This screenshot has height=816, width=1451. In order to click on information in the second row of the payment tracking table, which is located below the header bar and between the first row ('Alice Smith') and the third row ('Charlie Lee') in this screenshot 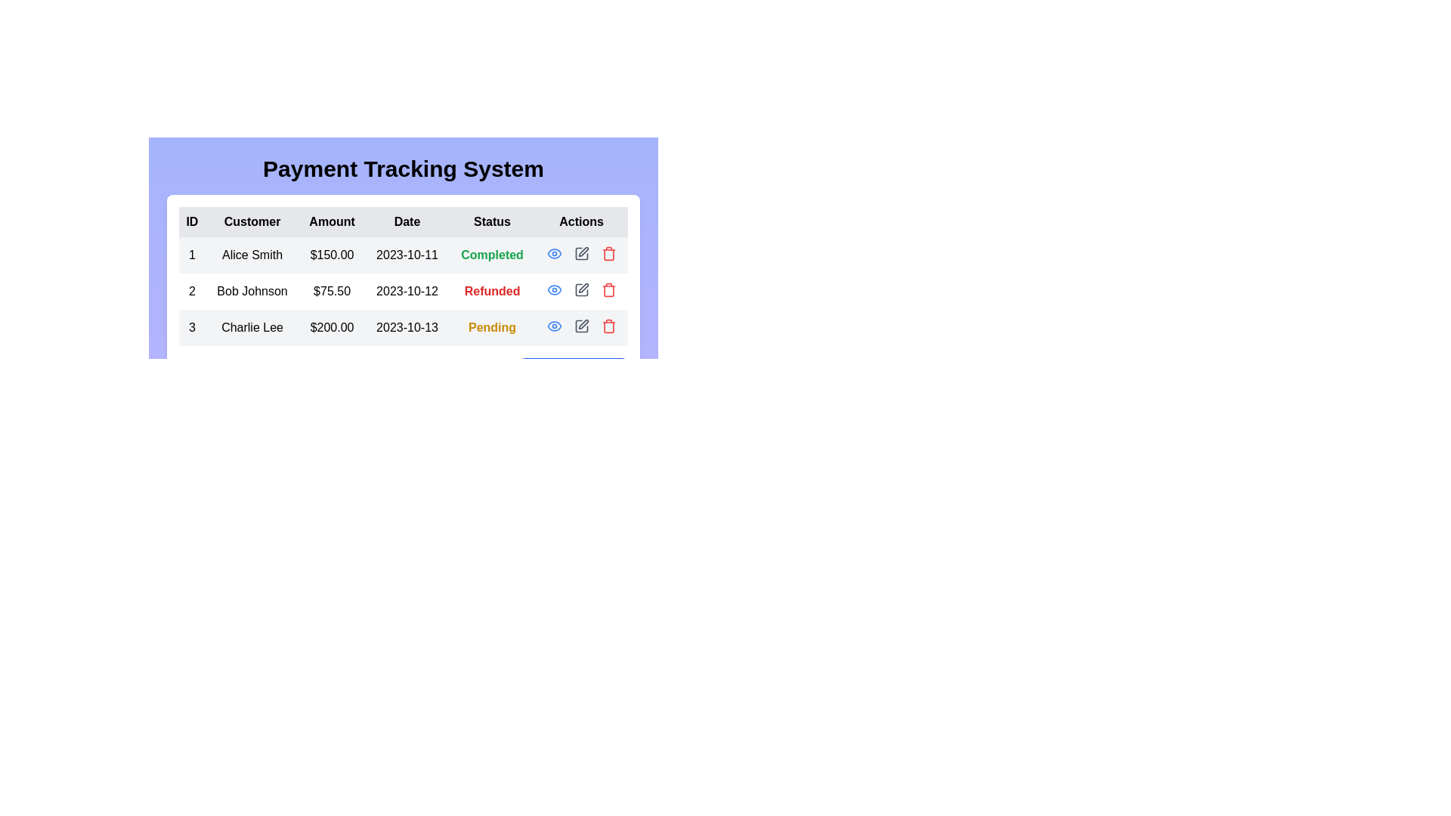, I will do `click(403, 291)`.